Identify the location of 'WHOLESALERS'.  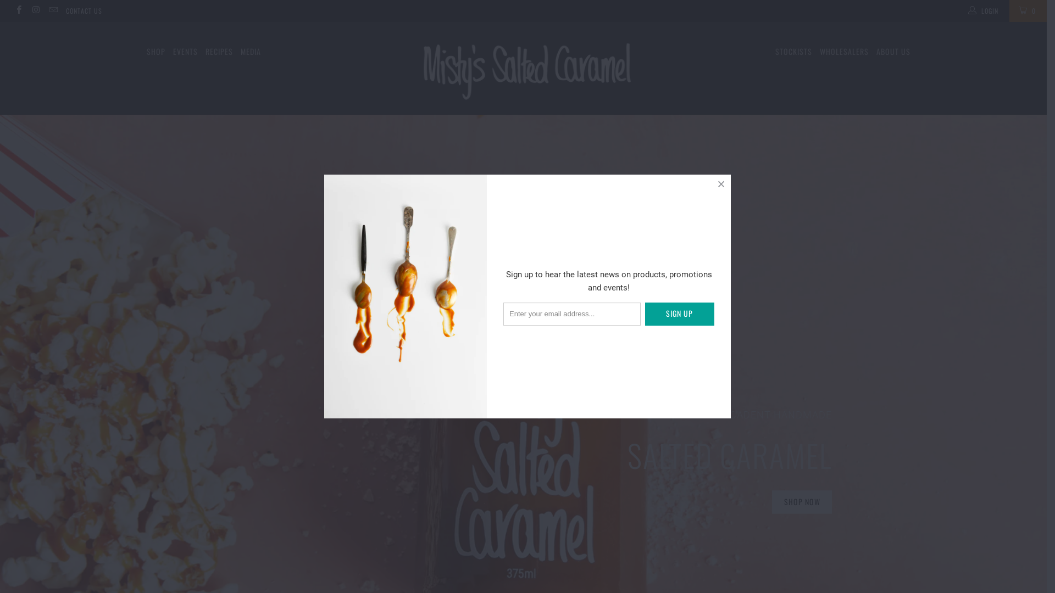
(843, 52).